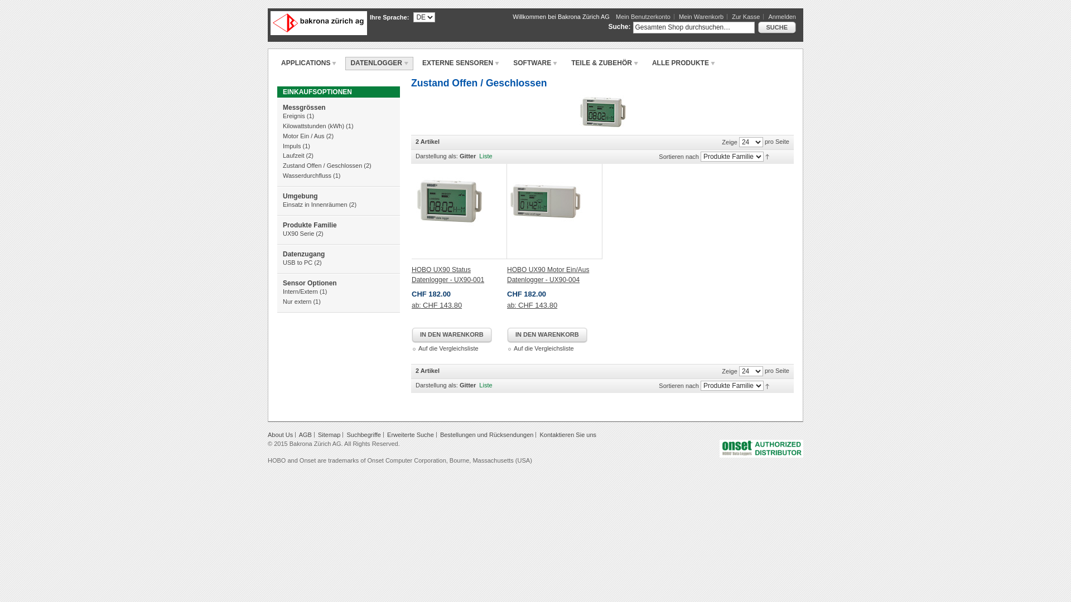 Image resolution: width=1071 pixels, height=602 pixels. Describe the element at coordinates (379, 64) in the screenshot. I see `'DATENLOGGER'` at that location.